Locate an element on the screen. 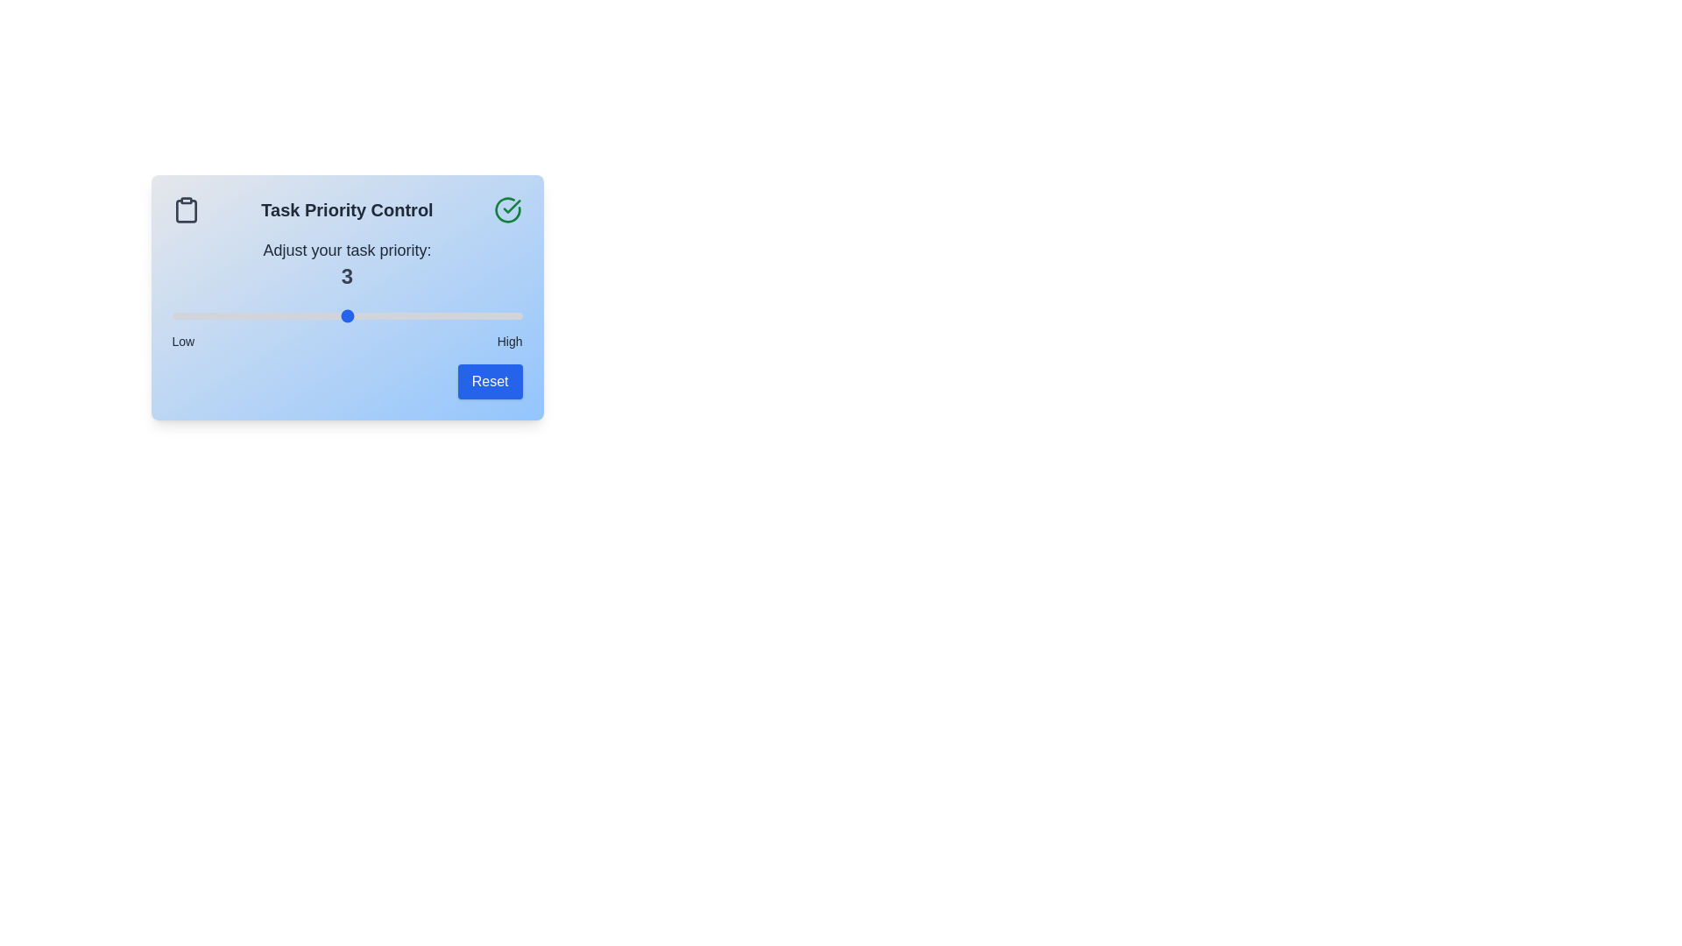 The height and width of the screenshot is (946, 1682). the priority slider to 1 within the range of 1 to 5 is located at coordinates (172, 316).